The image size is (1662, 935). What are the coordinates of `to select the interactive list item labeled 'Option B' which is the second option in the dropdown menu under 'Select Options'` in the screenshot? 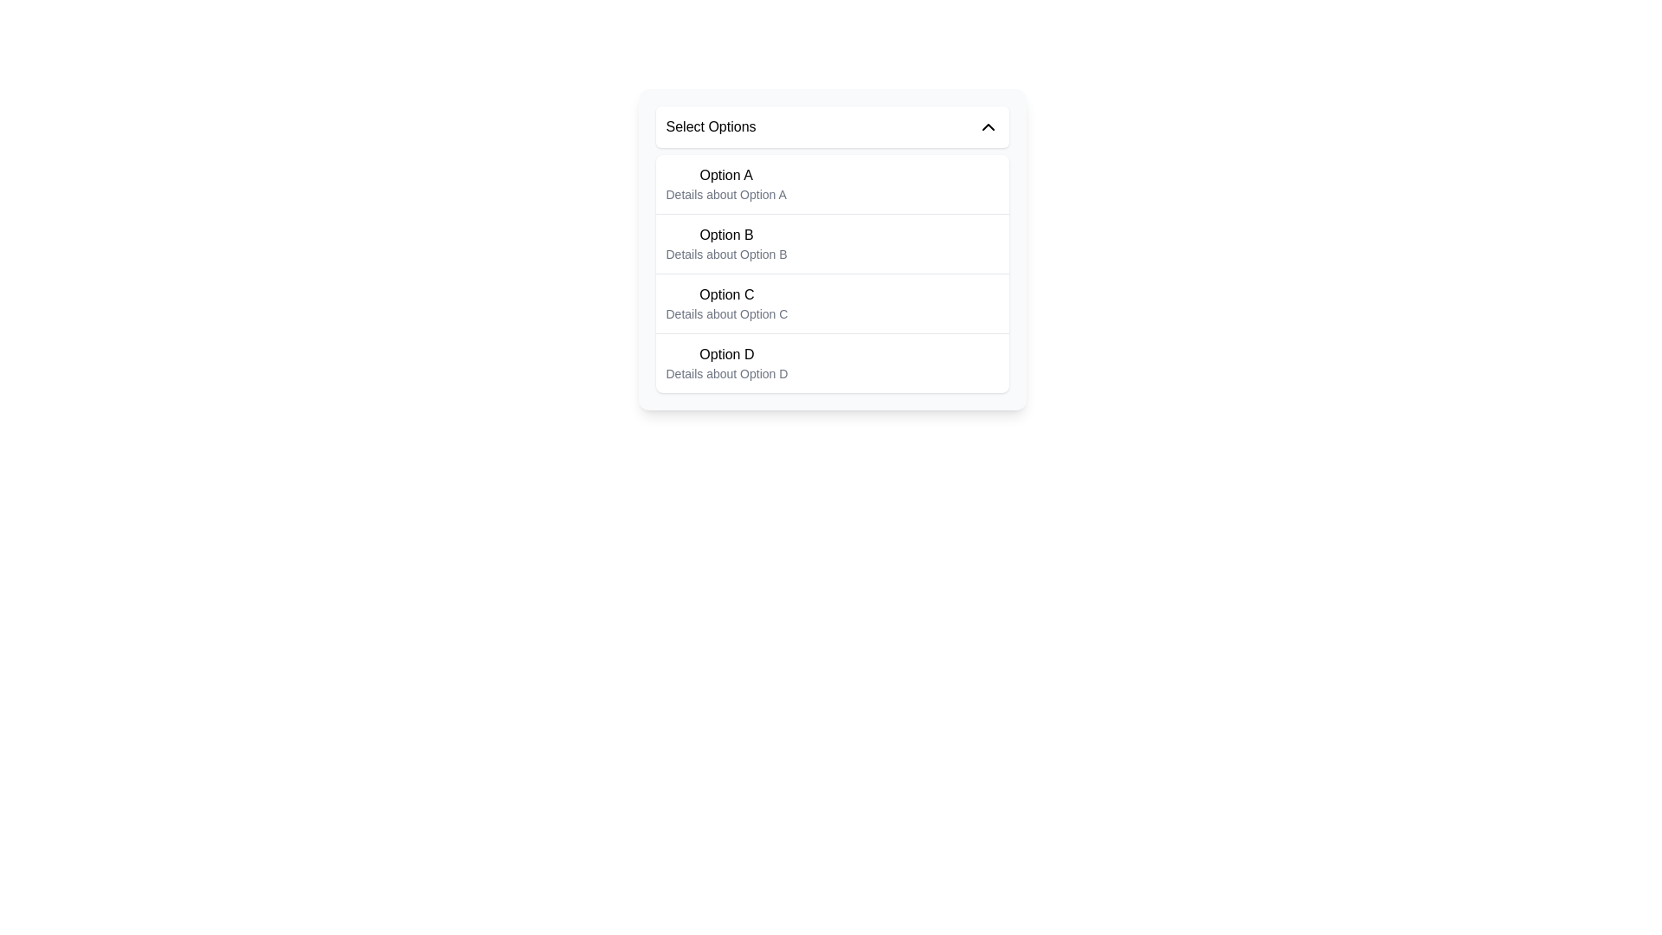 It's located at (726, 243).